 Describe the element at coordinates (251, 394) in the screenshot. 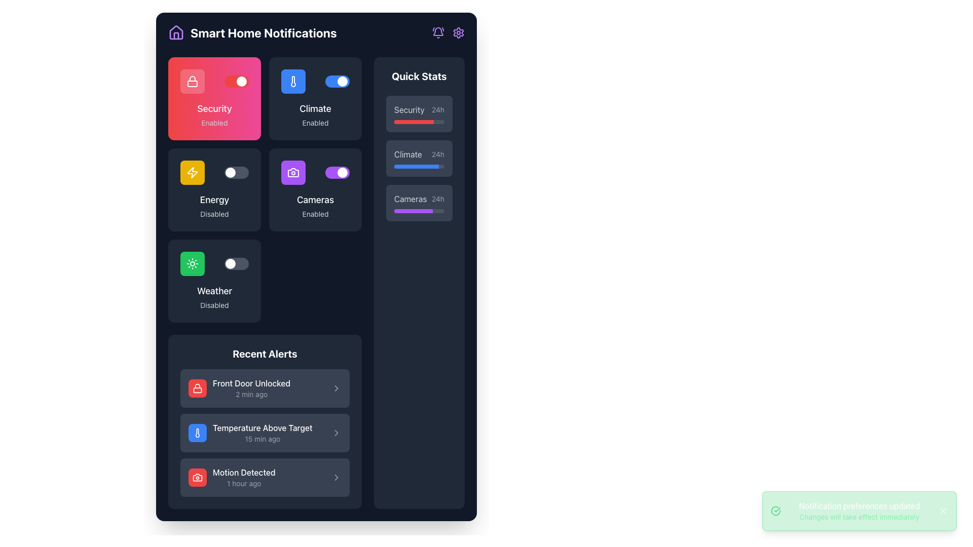

I see `the label displaying '2 min ago', which is positioned below 'Front Door Unlocked' in the 'Recent Alerts' section` at that location.